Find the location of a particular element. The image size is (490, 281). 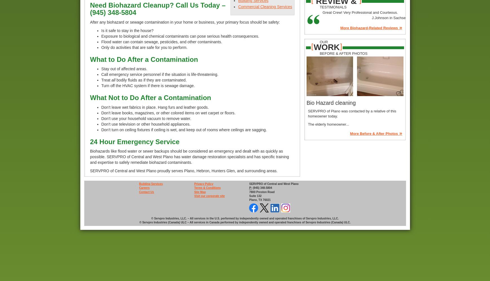

'Contact Us' is located at coordinates (146, 192).